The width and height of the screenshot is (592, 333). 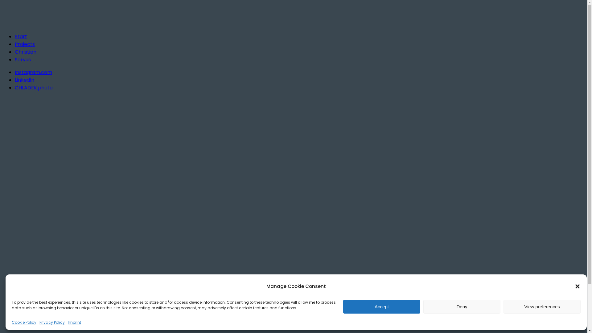 I want to click on 'Start', so click(x=21, y=36).